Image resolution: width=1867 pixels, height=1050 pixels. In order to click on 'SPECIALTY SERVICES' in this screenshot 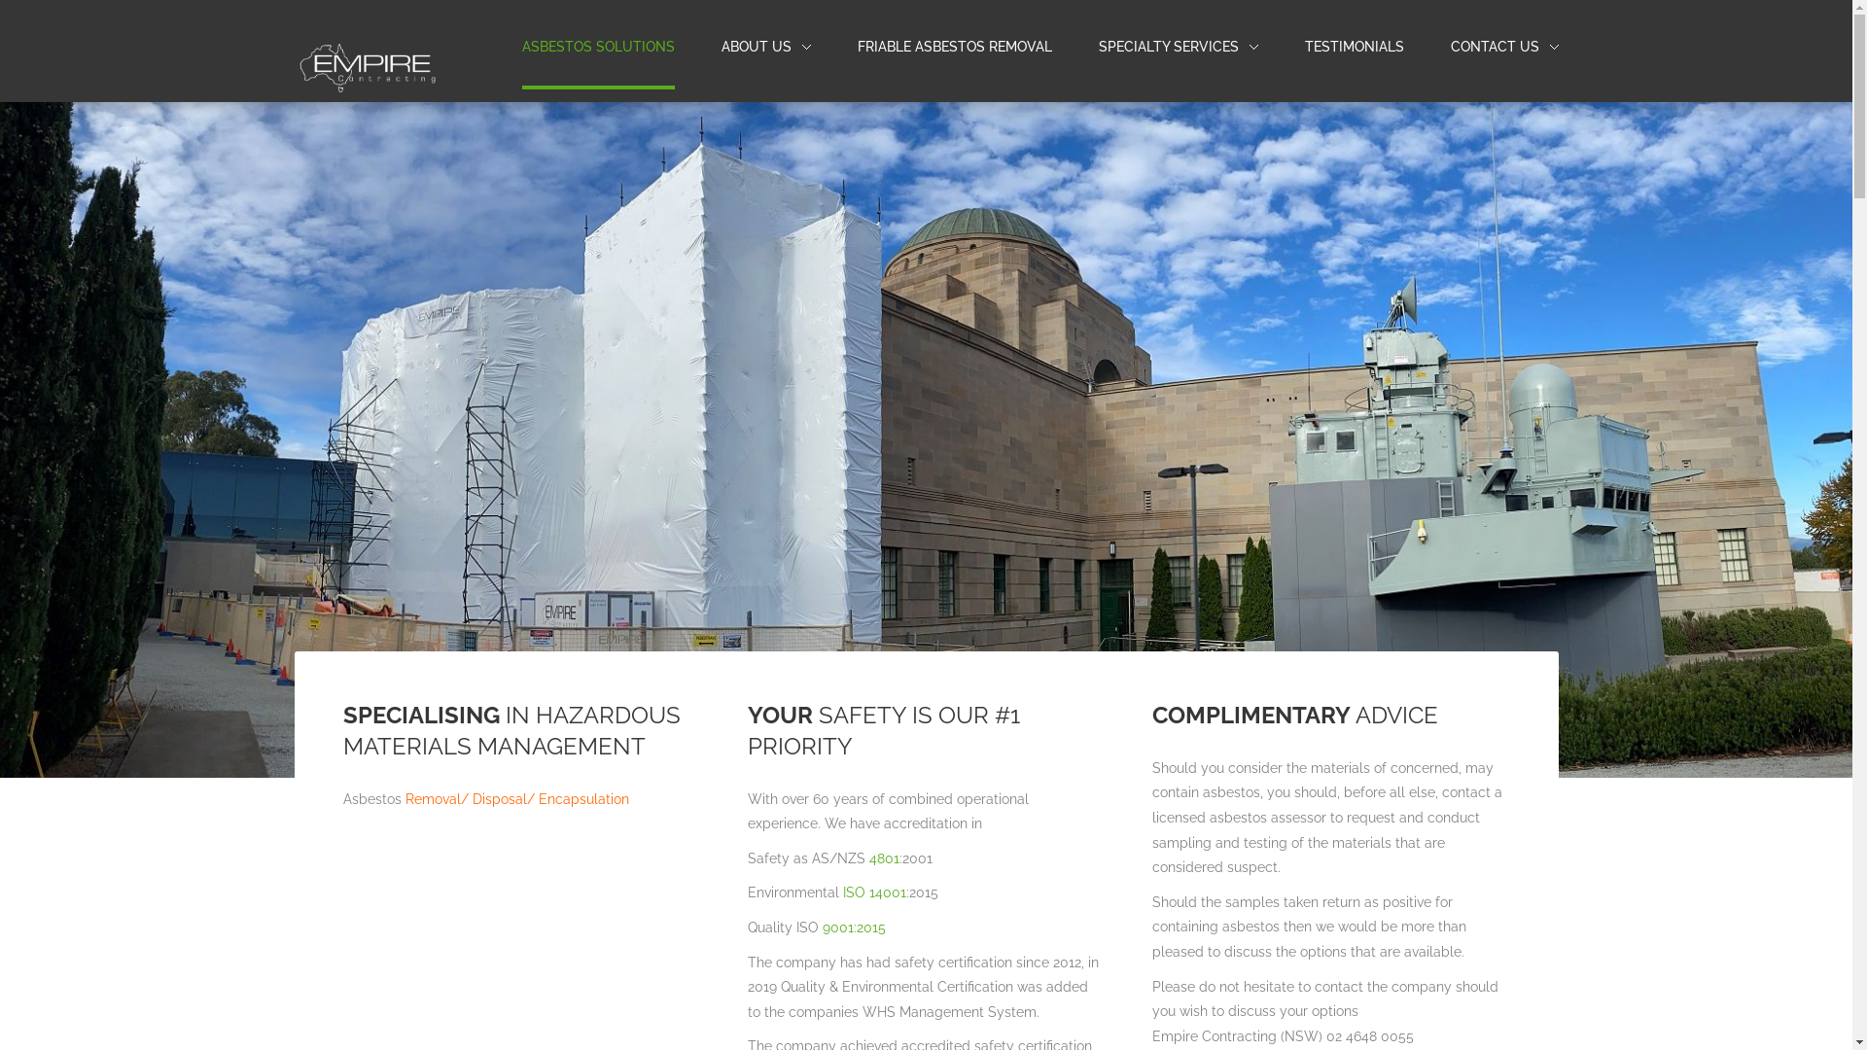, I will do `click(1177, 47)`.